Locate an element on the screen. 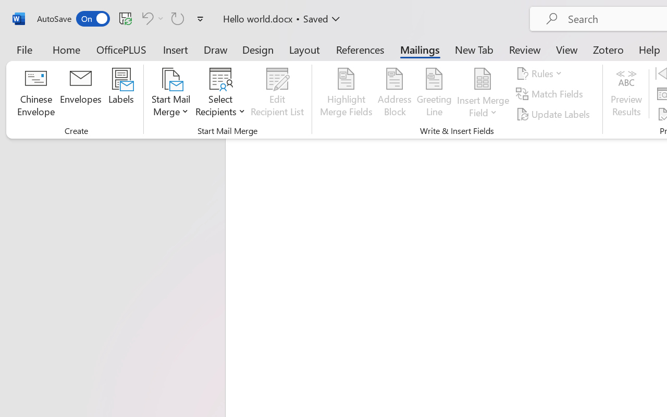  'Home' is located at coordinates (66, 49).